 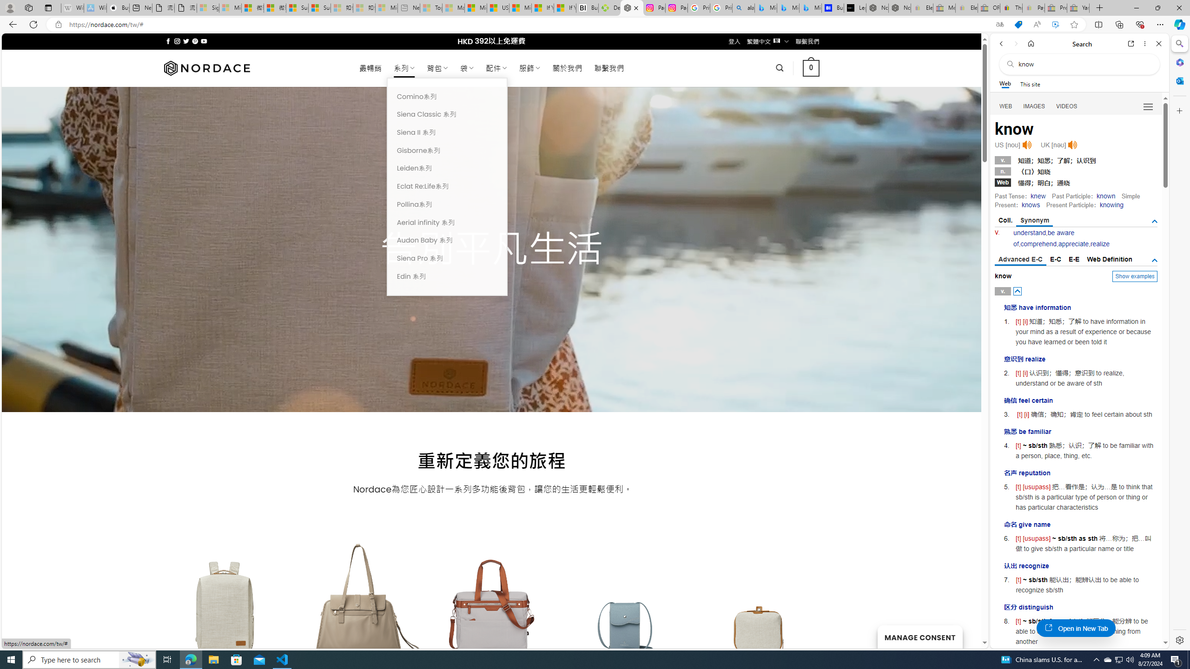 What do you see at coordinates (811, 67) in the screenshot?
I see `' 0 '` at bounding box center [811, 67].